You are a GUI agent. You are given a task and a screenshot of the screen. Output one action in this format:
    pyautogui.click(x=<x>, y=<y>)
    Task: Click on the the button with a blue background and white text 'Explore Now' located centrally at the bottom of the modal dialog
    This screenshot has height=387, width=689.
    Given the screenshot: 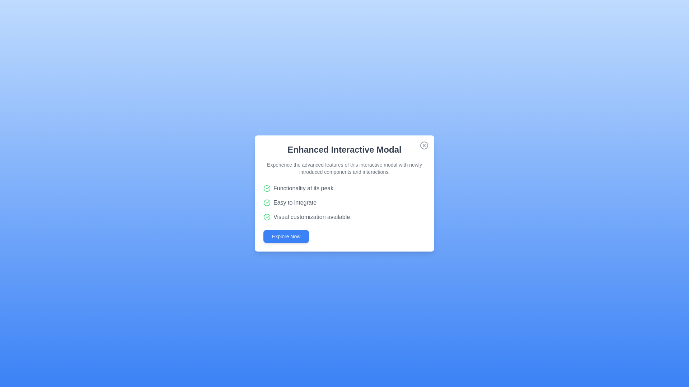 What is the action you would take?
    pyautogui.click(x=286, y=236)
    